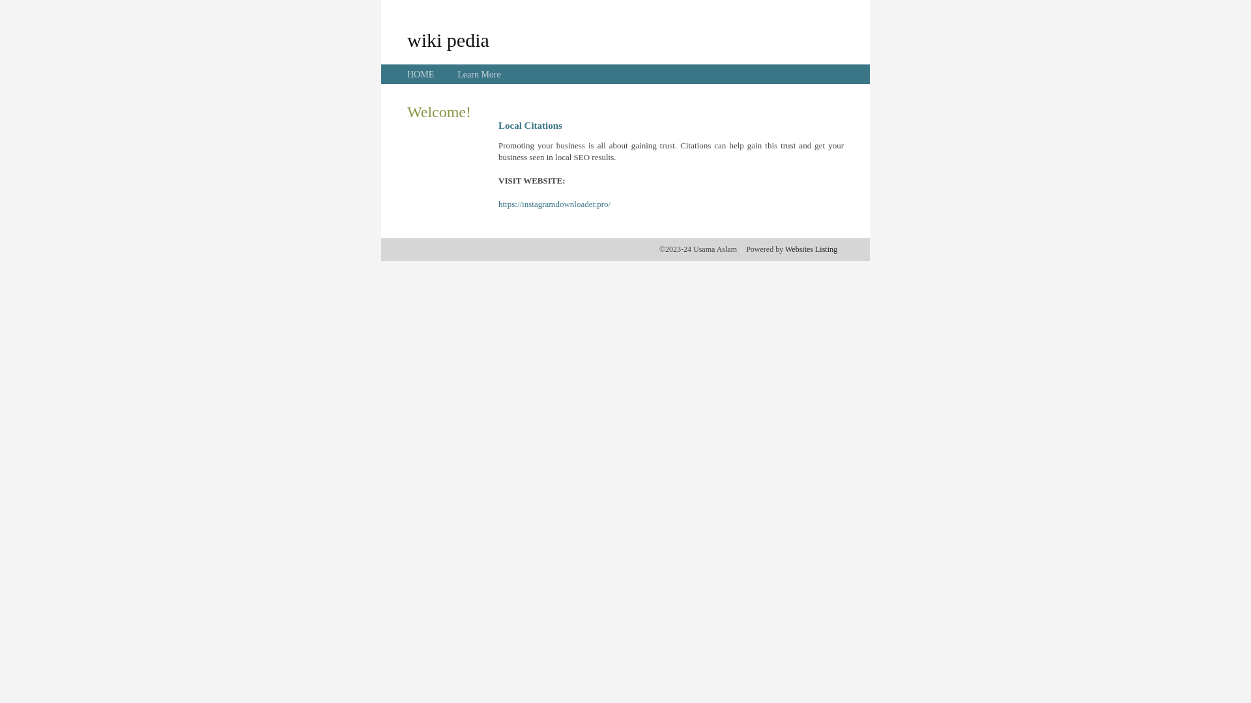 The height and width of the screenshot is (703, 1251). I want to click on 'https://instagramdownloader.pro/', so click(554, 204).